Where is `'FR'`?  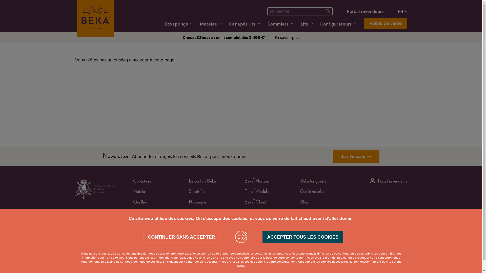
'FR' is located at coordinates (402, 11).